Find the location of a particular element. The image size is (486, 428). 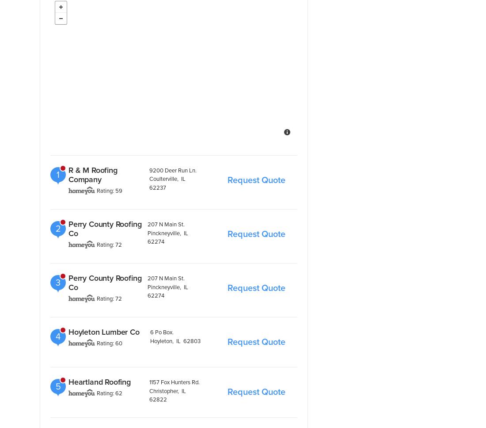

'62237' is located at coordinates (157, 187).